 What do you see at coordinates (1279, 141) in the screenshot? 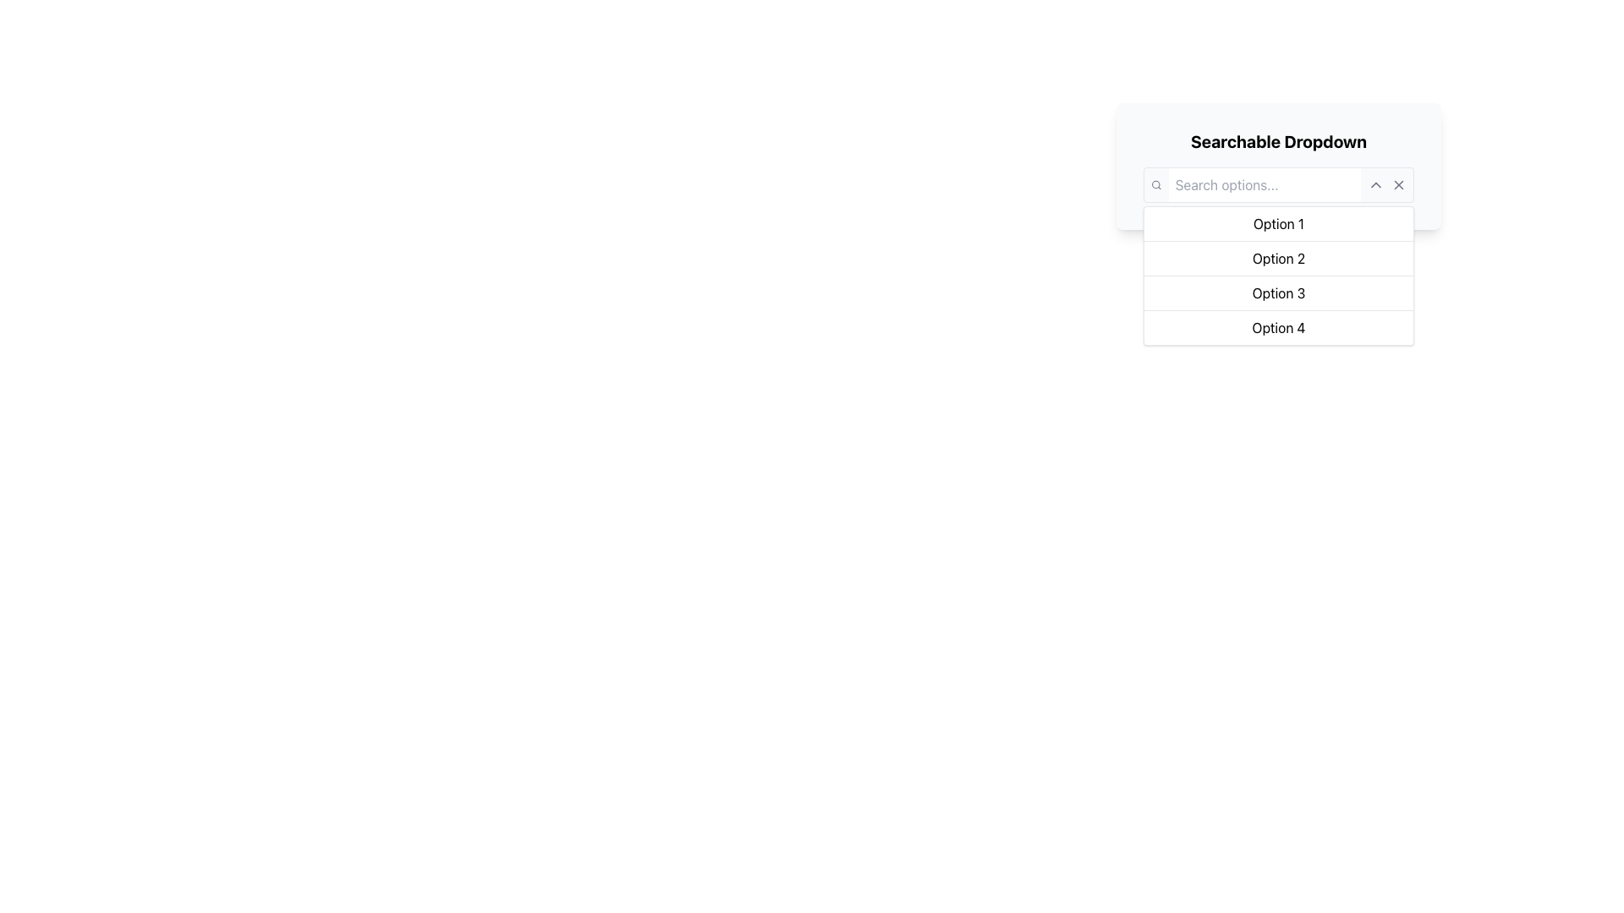
I see `the heading label text positioned above the dropdown component` at bounding box center [1279, 141].